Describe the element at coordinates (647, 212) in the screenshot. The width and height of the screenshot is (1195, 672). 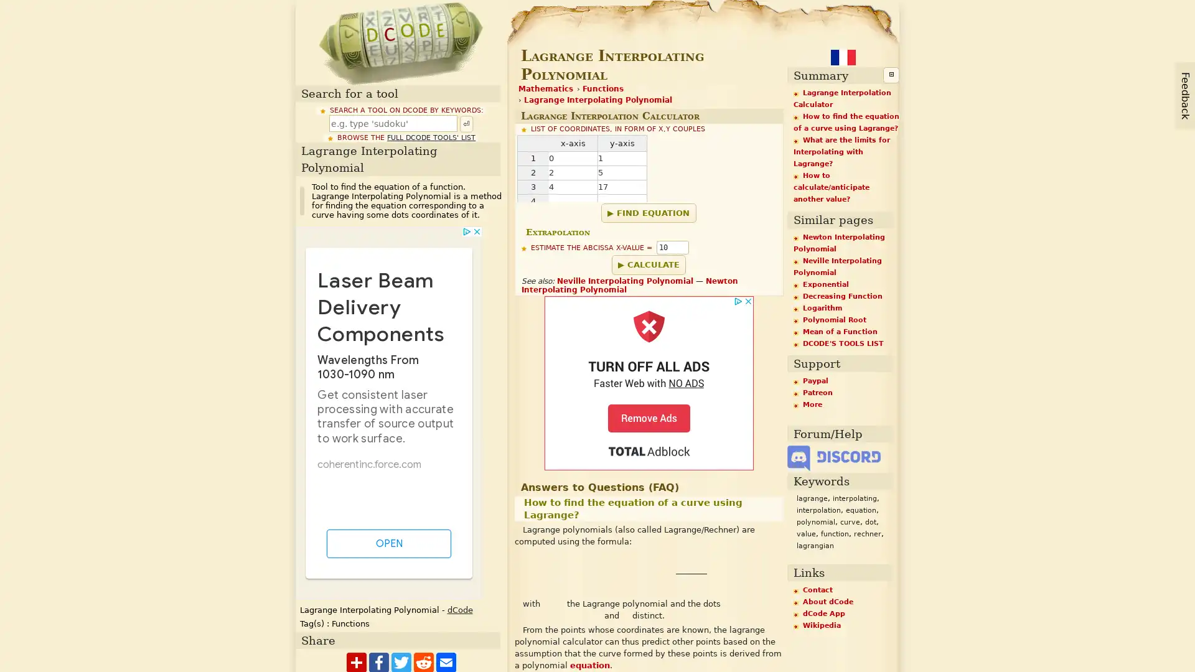
I see `FIND EQUATION` at that location.